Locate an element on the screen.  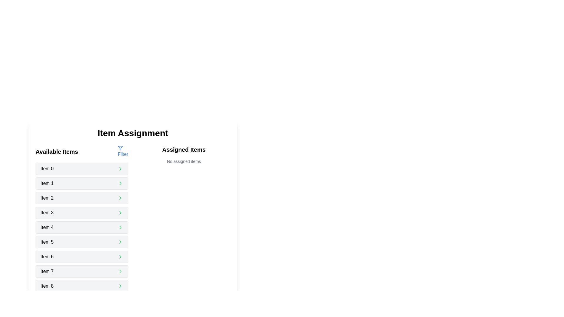
text from the Label displaying 'Item 4', which is the fifth item under the 'Available Items' heading in the vertical list is located at coordinates (47, 227).